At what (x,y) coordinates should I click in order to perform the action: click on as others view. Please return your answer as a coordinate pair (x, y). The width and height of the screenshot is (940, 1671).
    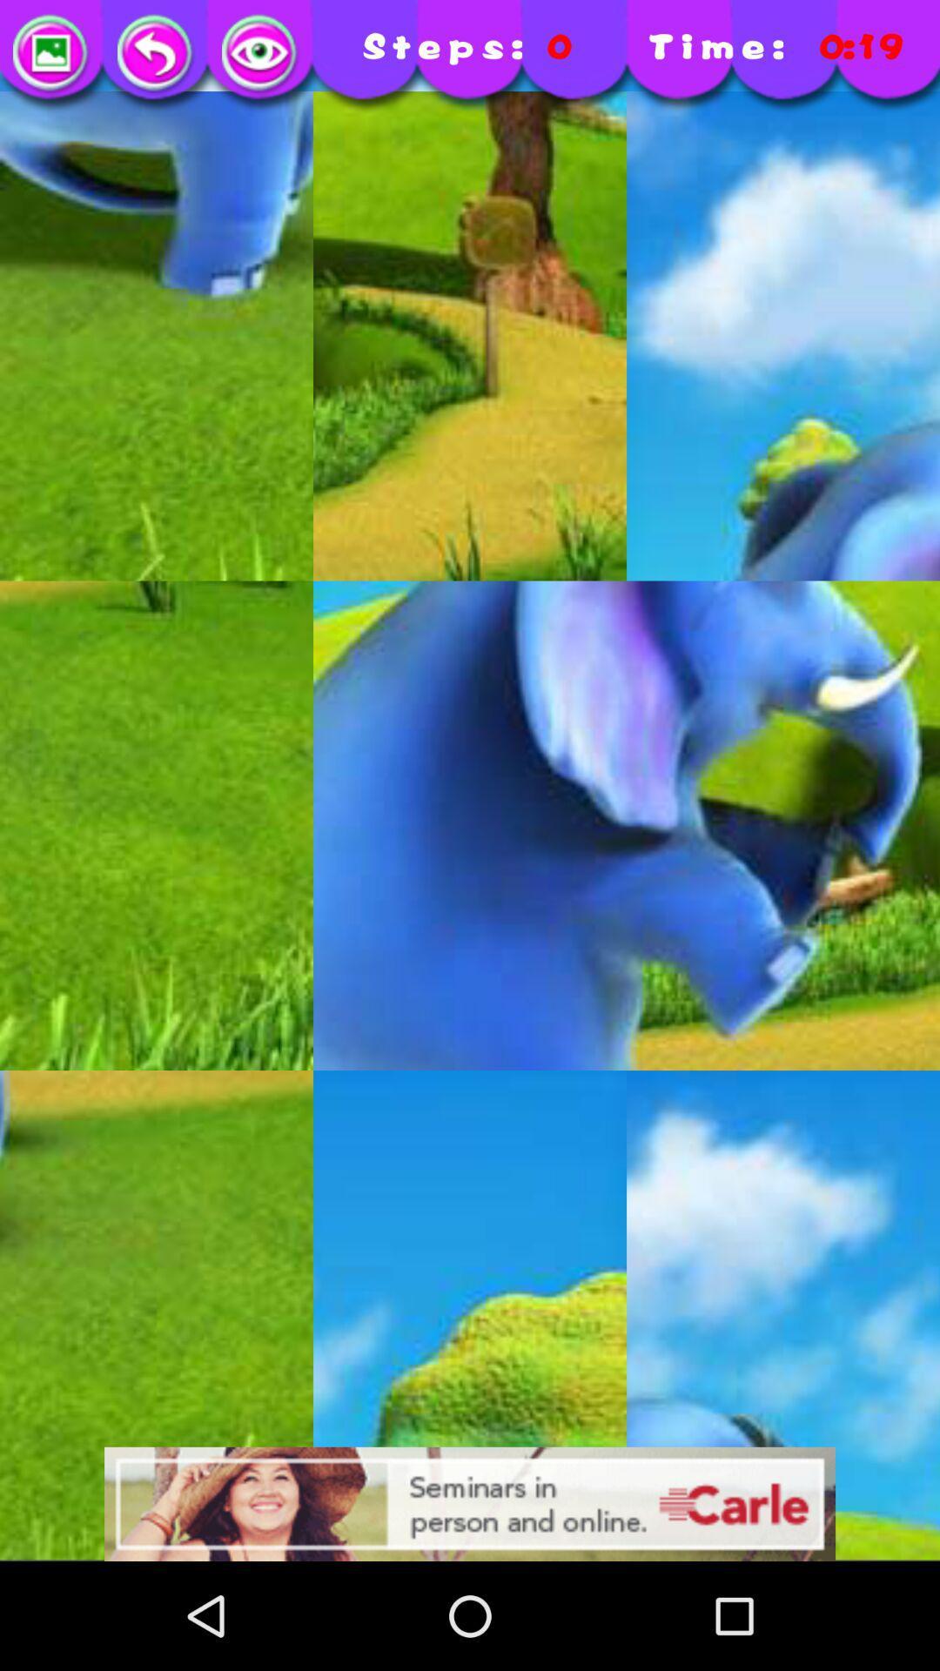
    Looking at the image, I should click on (261, 54).